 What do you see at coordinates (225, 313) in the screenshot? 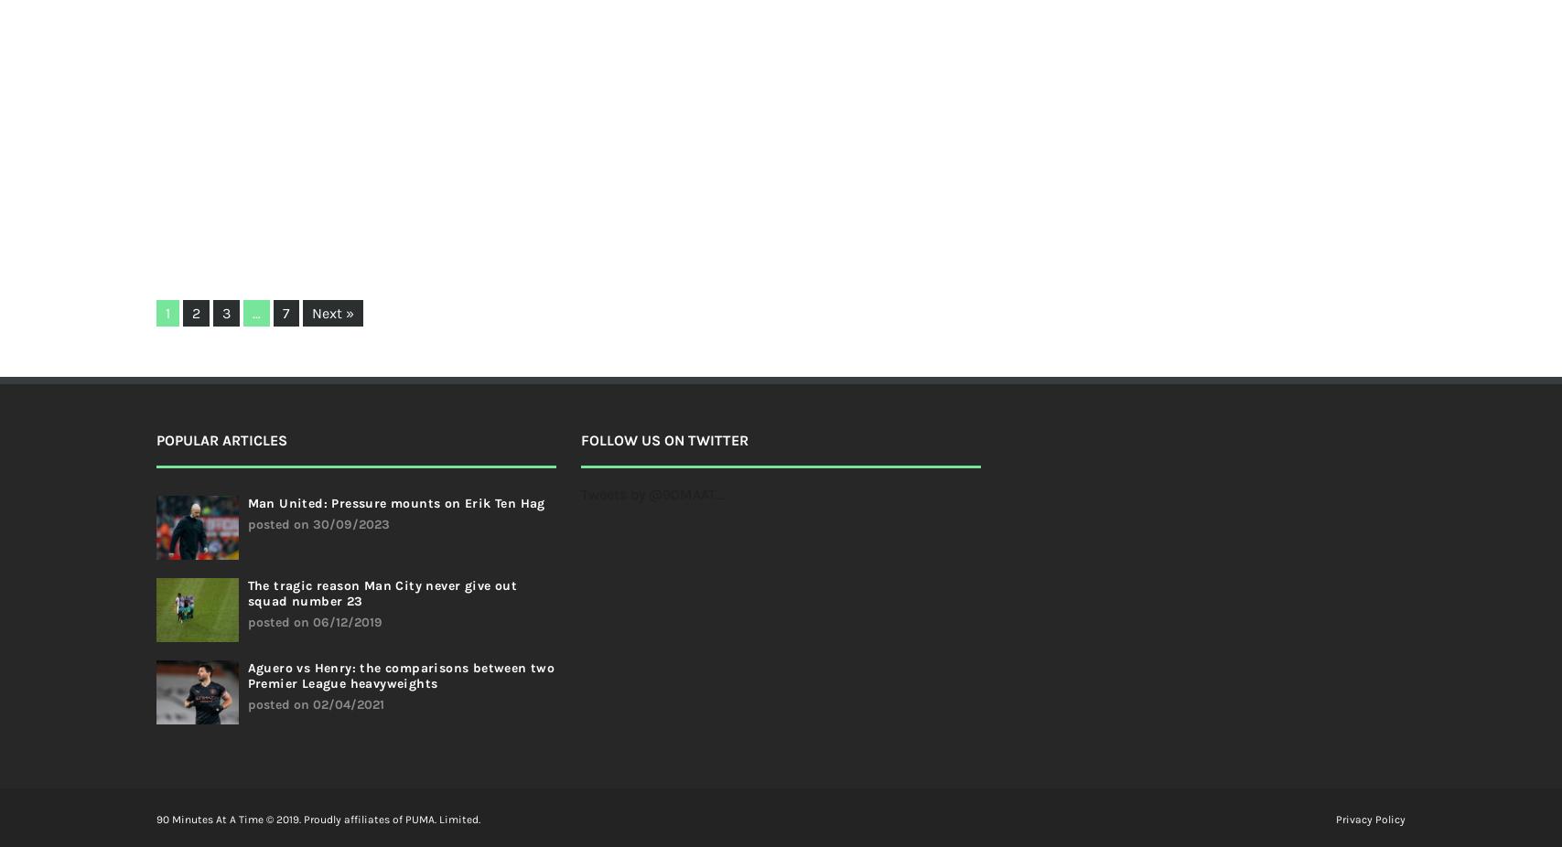
I see `'3'` at bounding box center [225, 313].